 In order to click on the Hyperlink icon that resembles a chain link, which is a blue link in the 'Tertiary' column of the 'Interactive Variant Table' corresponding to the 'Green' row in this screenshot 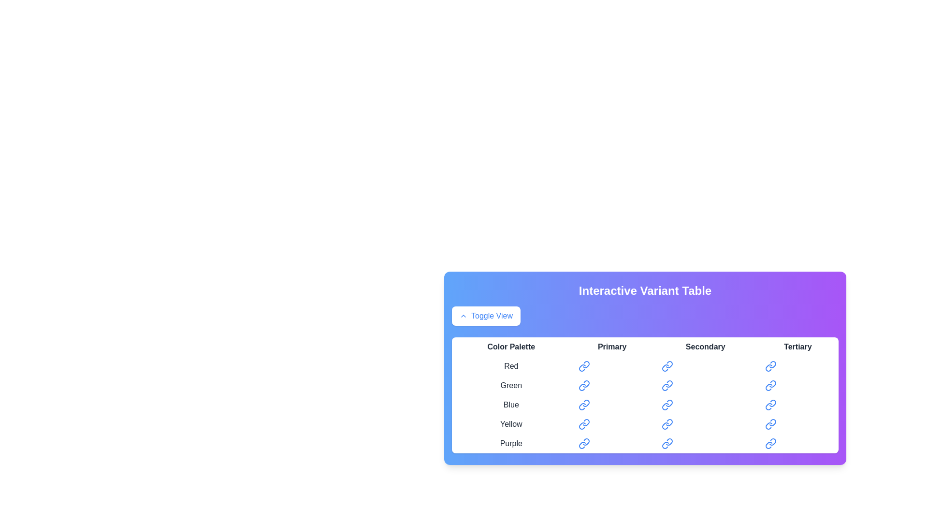, I will do `click(770, 385)`.